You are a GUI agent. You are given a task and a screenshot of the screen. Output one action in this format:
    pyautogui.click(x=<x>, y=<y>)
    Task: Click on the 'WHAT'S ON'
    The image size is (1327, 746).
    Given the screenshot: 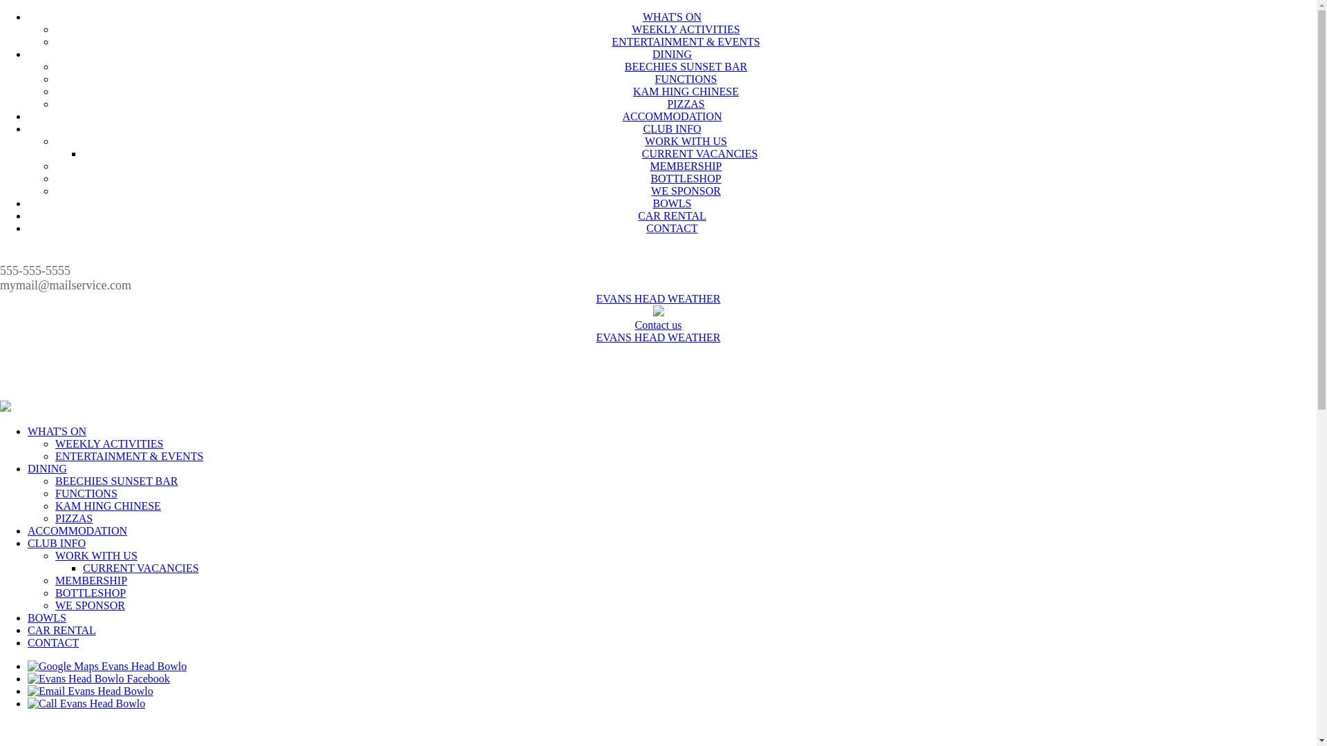 What is the action you would take?
    pyautogui.click(x=642, y=17)
    